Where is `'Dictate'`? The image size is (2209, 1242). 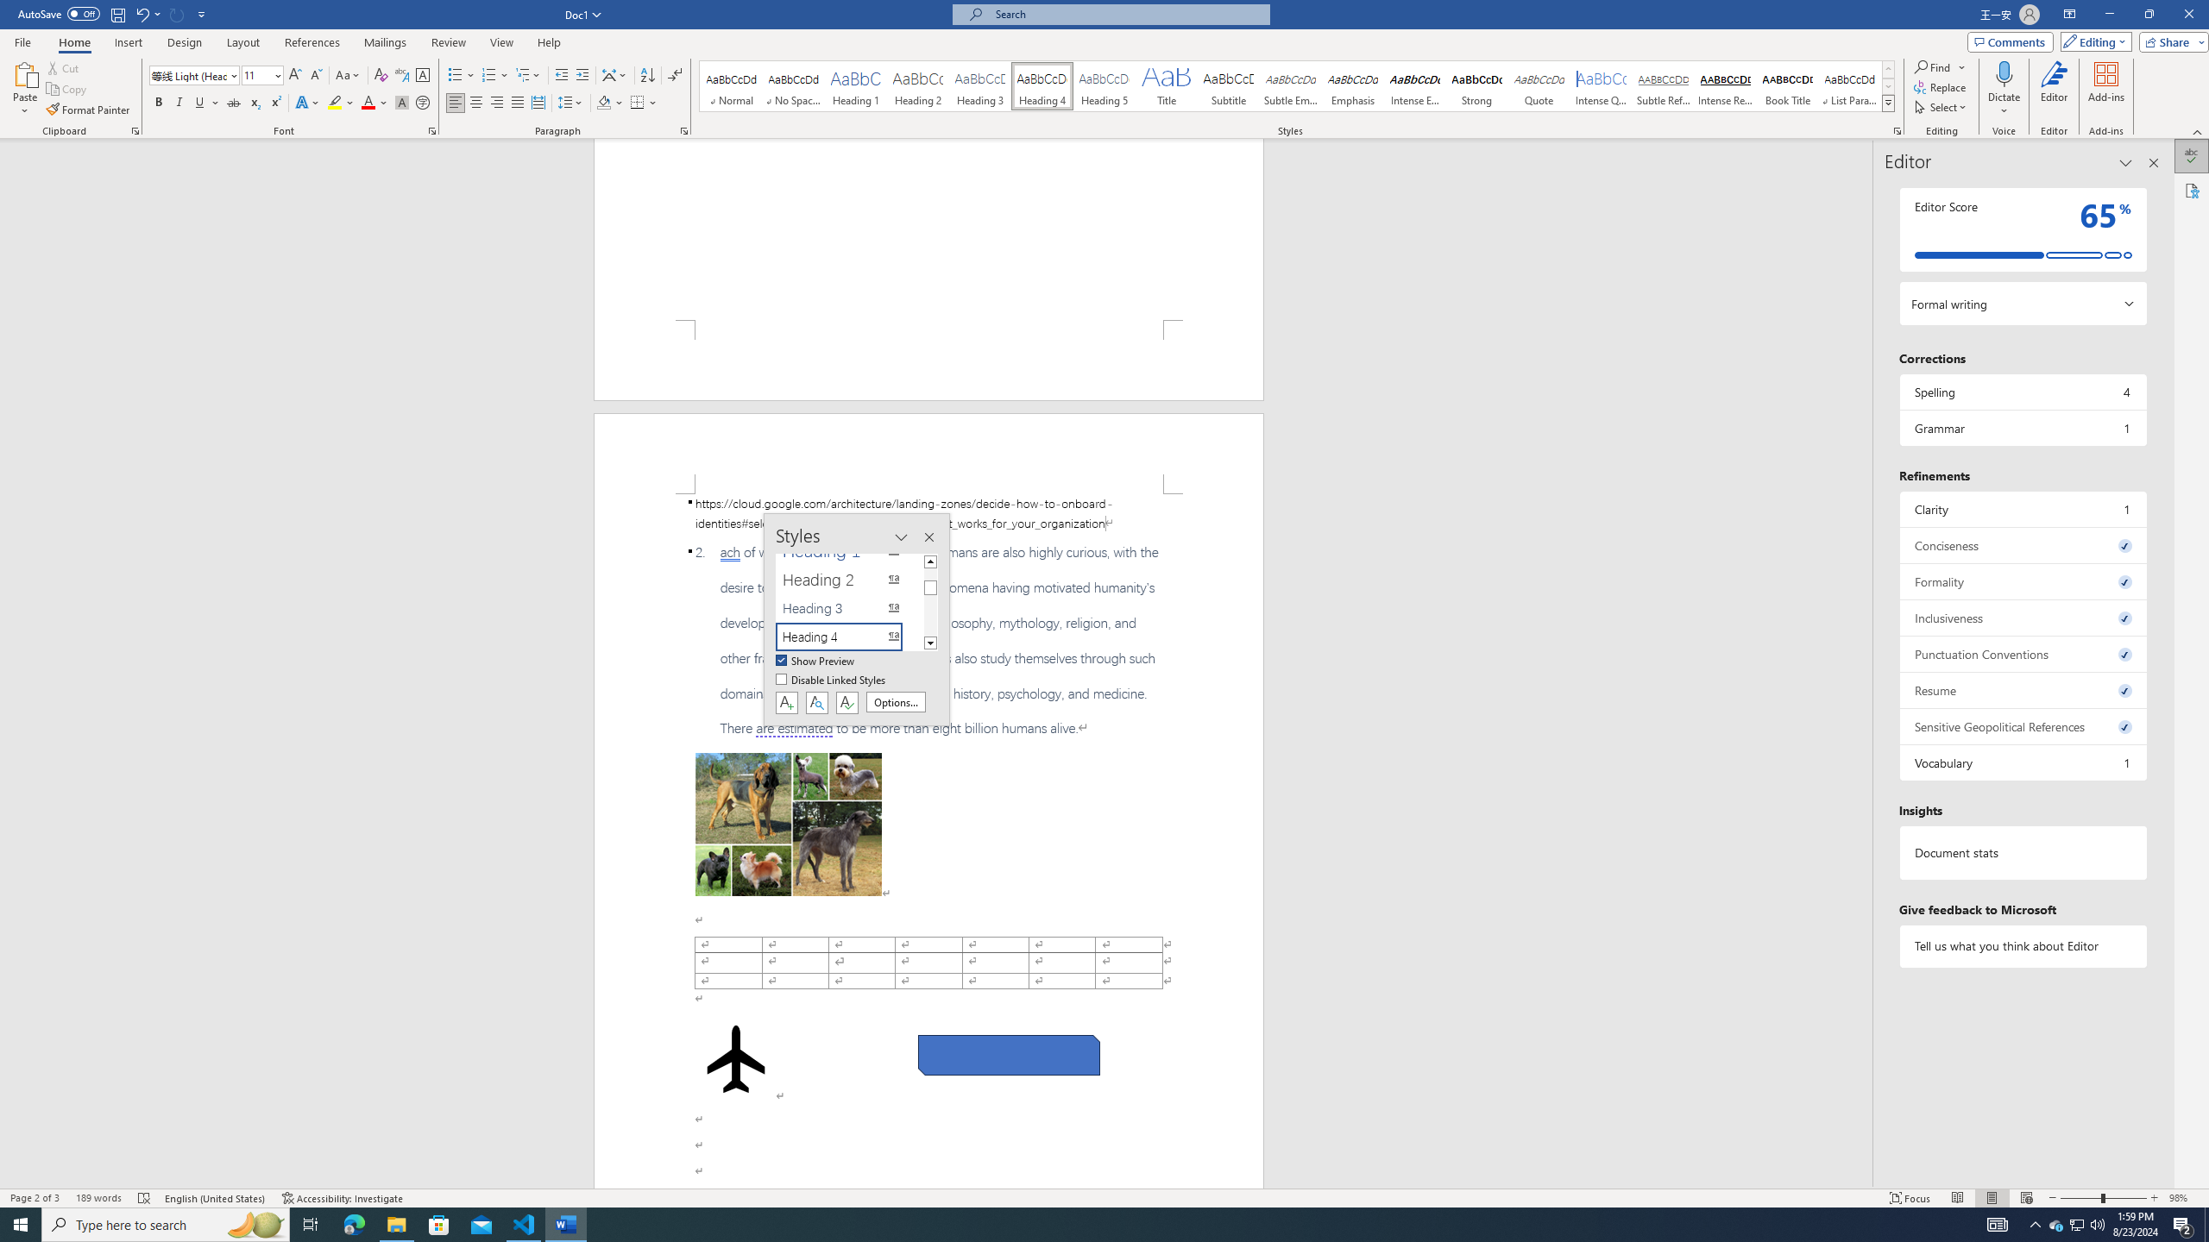 'Dictate' is located at coordinates (2004, 89).